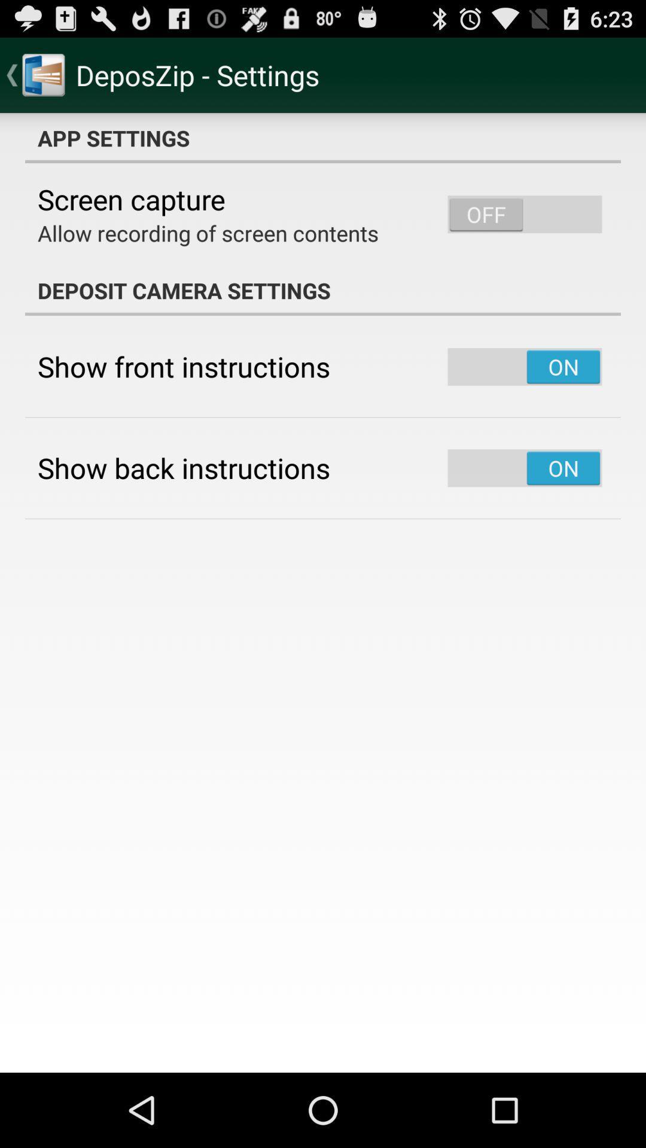  Describe the element at coordinates (323, 290) in the screenshot. I see `the deposit camera settings app` at that location.